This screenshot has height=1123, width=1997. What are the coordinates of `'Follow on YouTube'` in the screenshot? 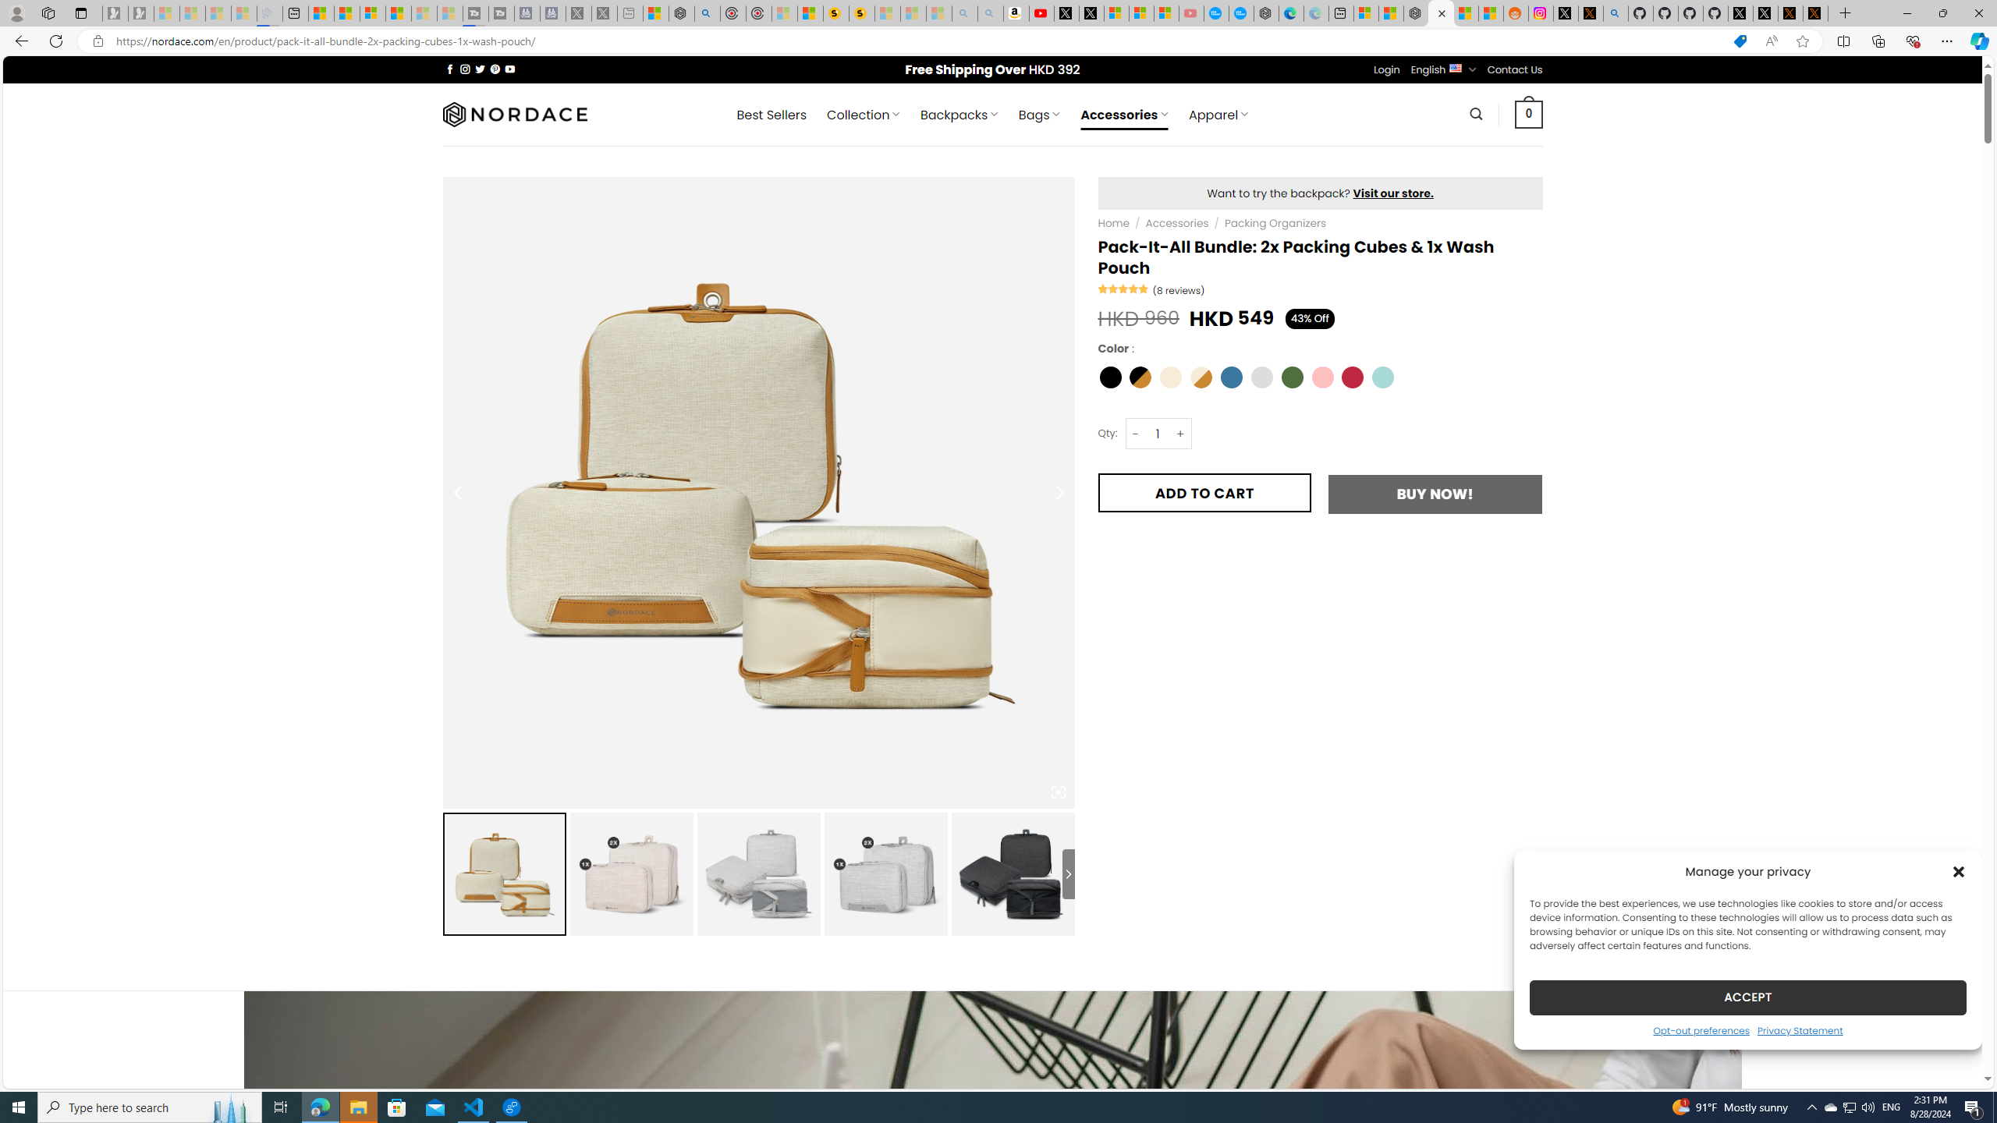 It's located at (509, 69).